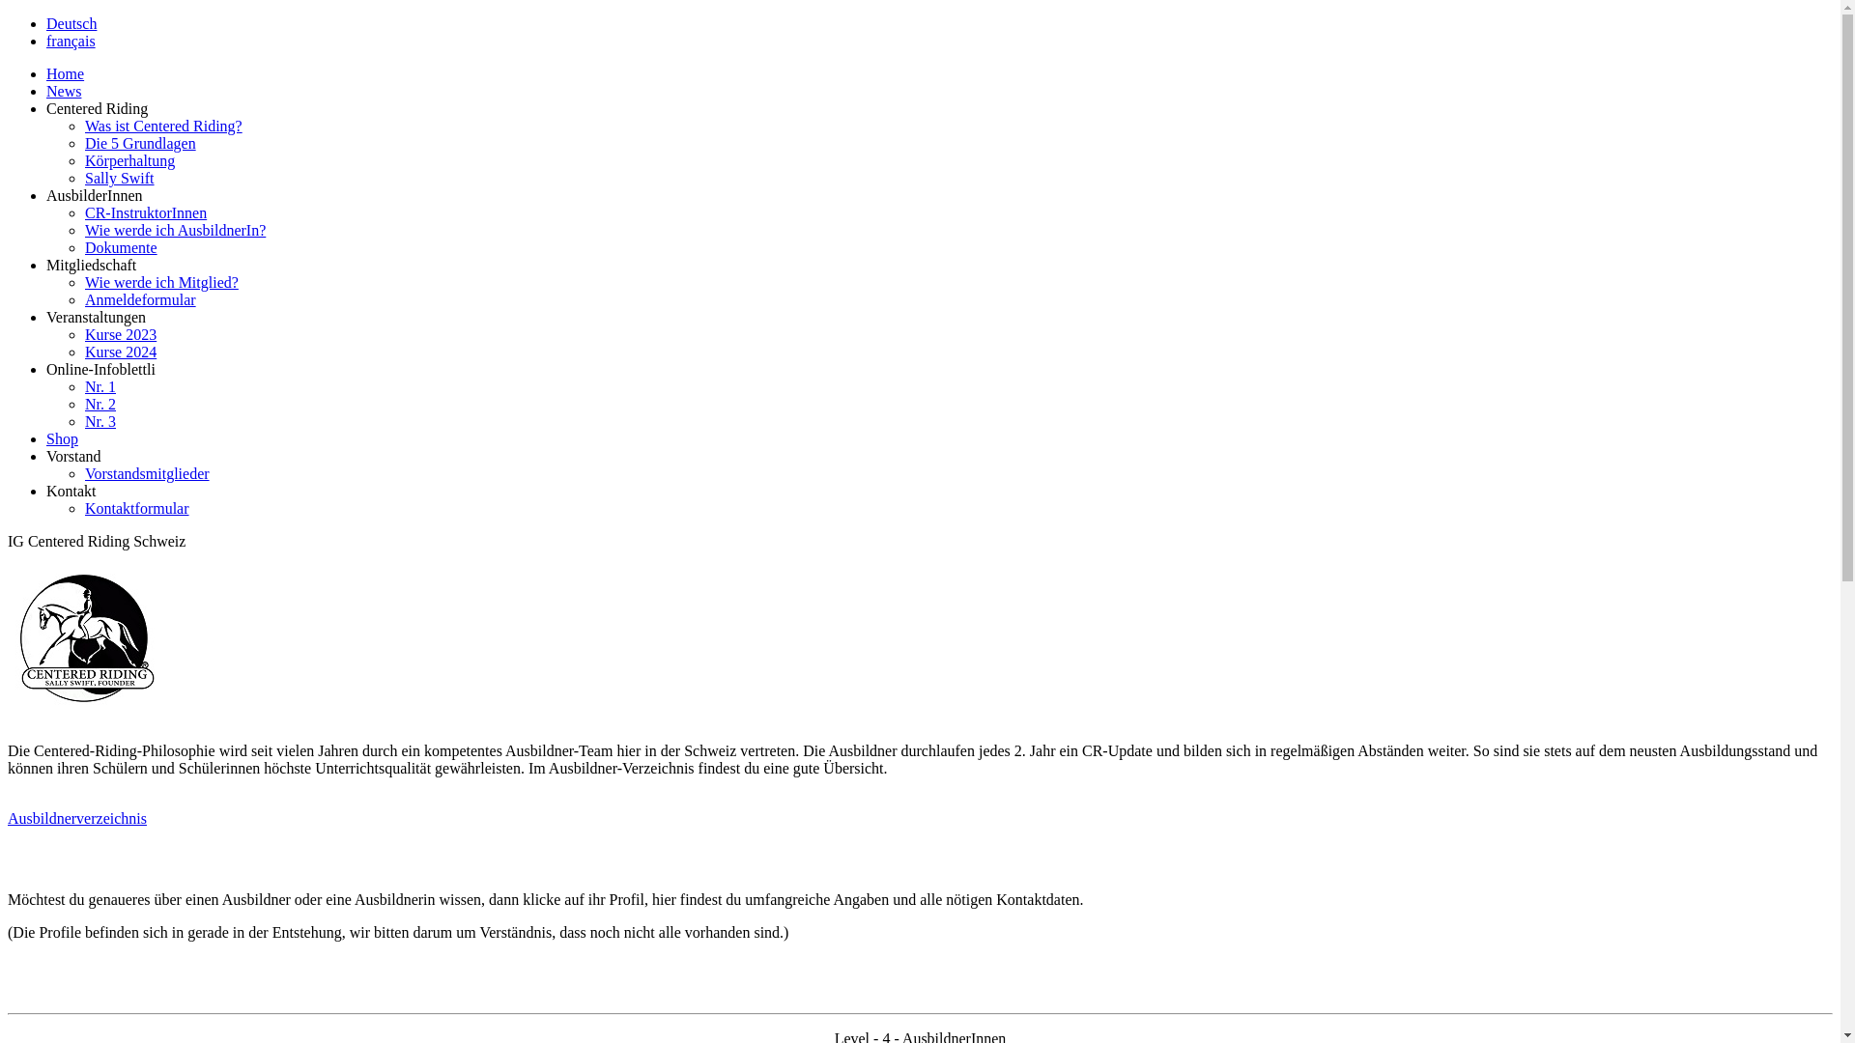  I want to click on 'Vorstandsmitglieder', so click(146, 473).